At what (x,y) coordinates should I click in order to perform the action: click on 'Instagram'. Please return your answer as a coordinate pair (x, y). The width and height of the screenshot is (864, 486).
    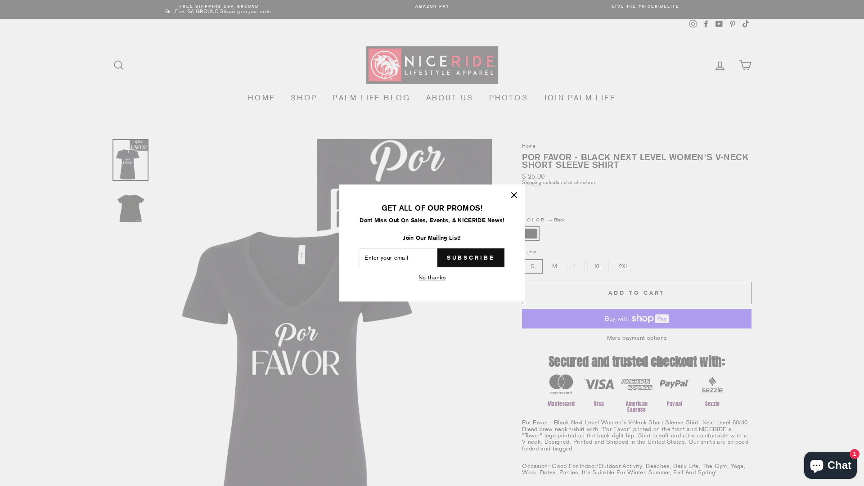
    Looking at the image, I should click on (693, 24).